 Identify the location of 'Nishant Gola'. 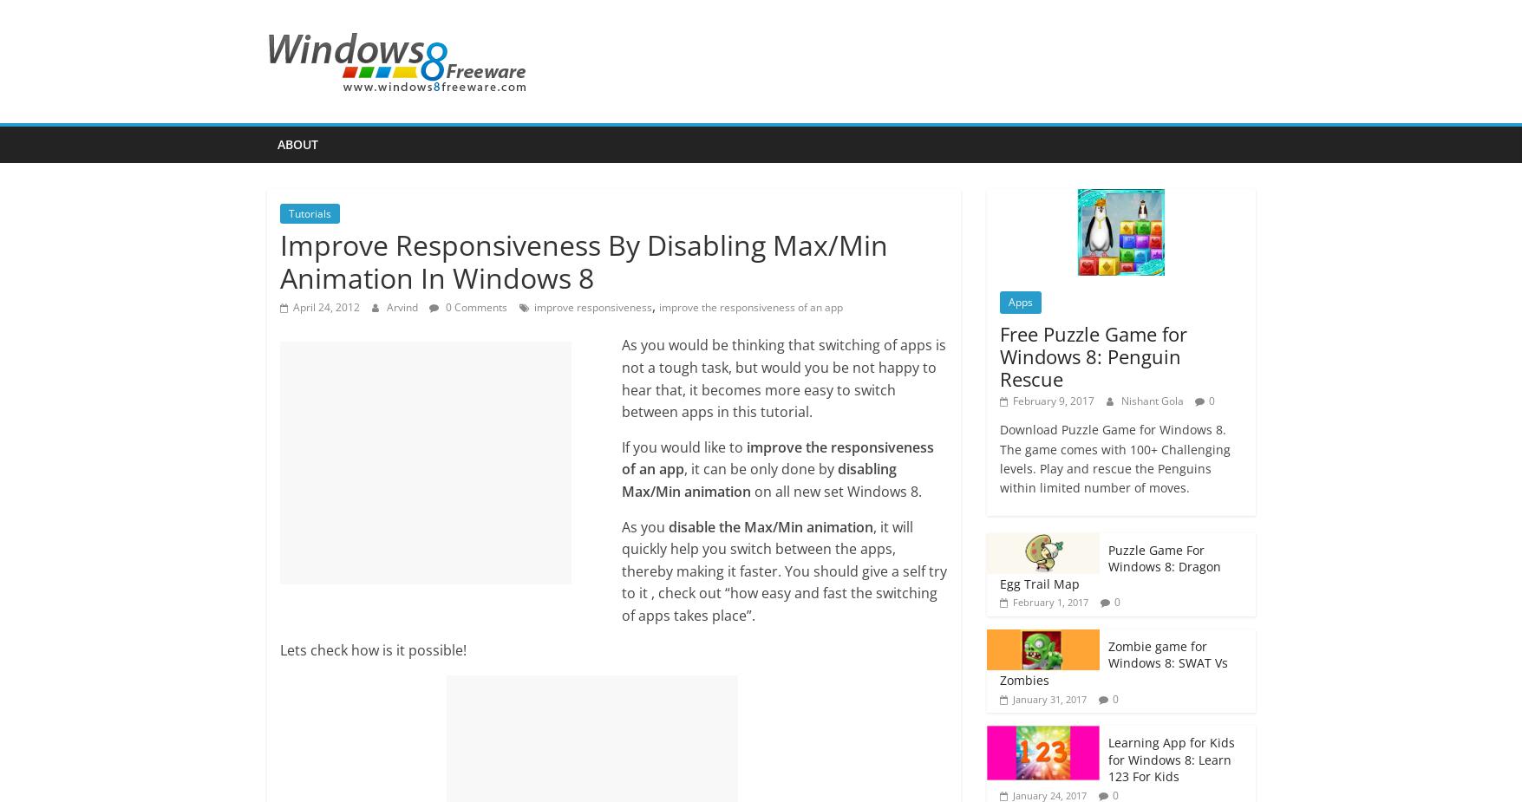
(1152, 399).